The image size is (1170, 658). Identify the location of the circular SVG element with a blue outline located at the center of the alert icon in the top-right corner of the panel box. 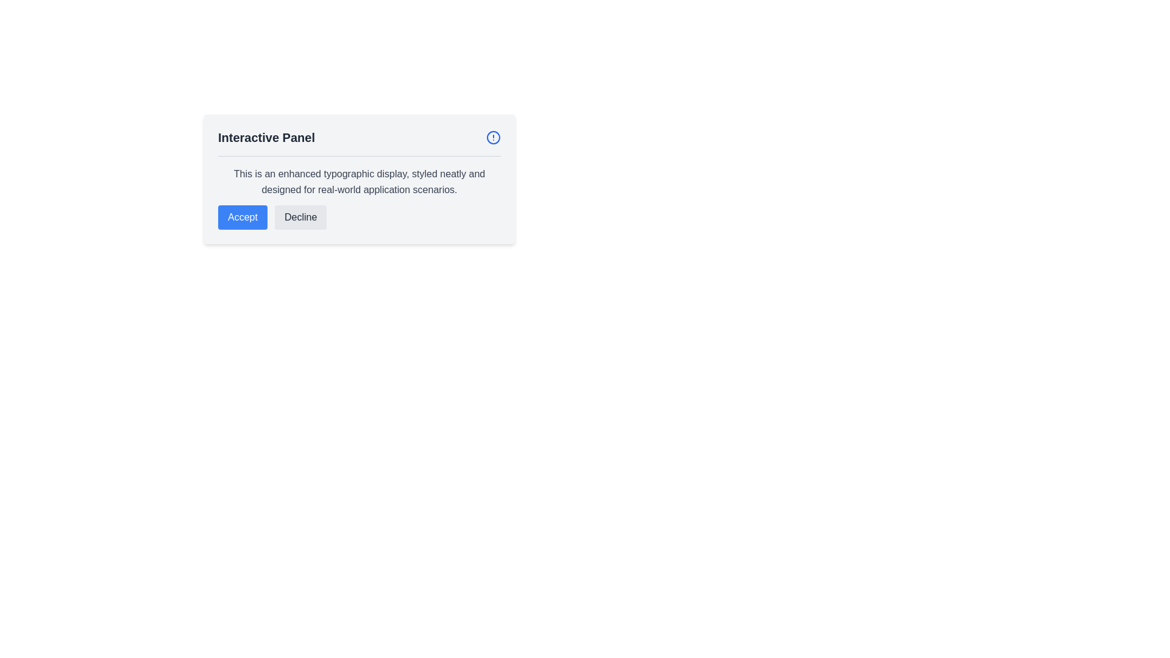
(494, 137).